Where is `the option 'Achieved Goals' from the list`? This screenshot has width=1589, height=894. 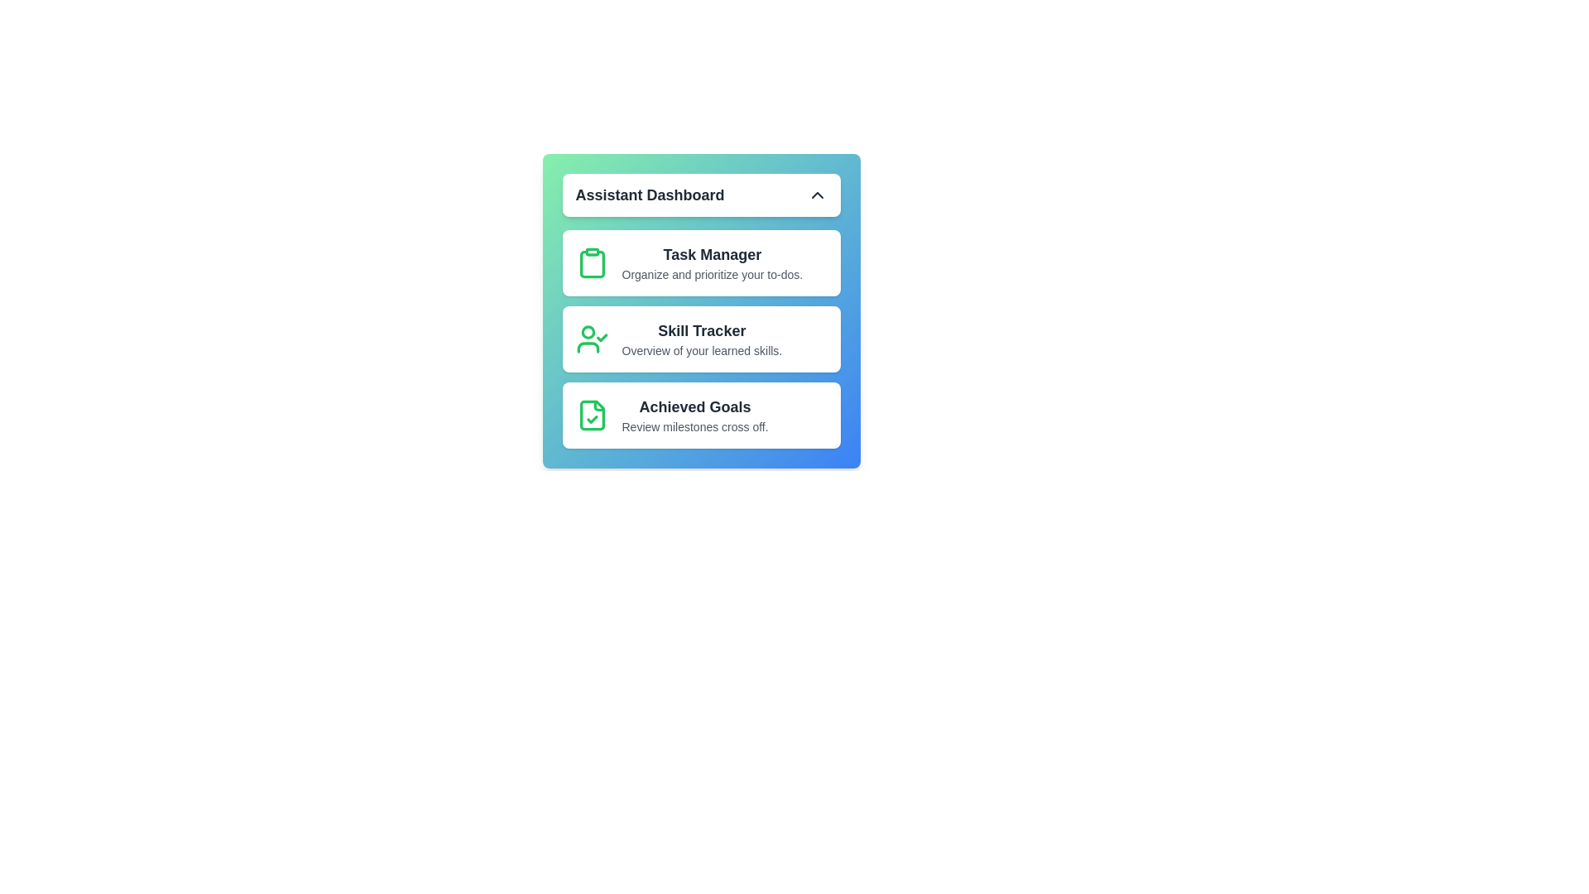 the option 'Achieved Goals' from the list is located at coordinates (701, 414).